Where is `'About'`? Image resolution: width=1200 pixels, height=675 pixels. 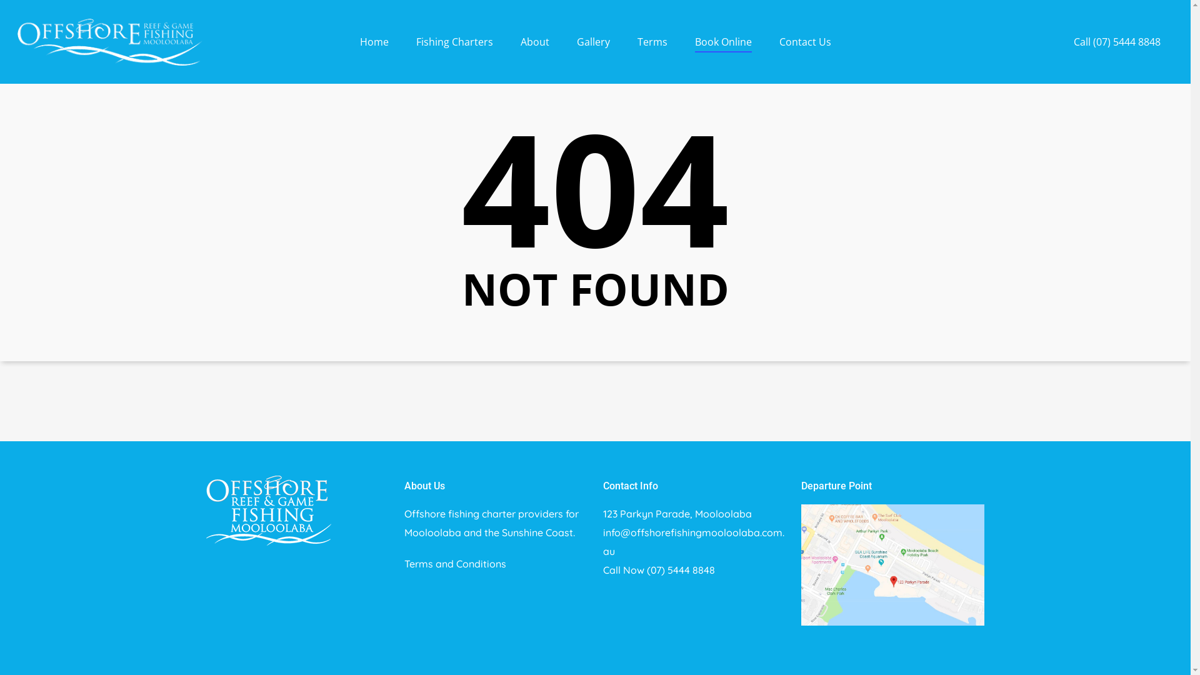
'About' is located at coordinates (534, 50).